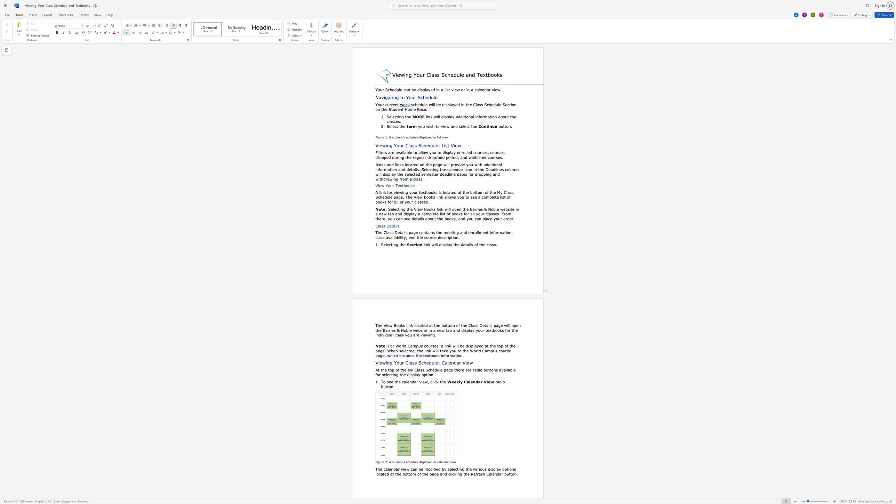 The image size is (896, 504). I want to click on the 12th character "i" in the text, so click(379, 178).